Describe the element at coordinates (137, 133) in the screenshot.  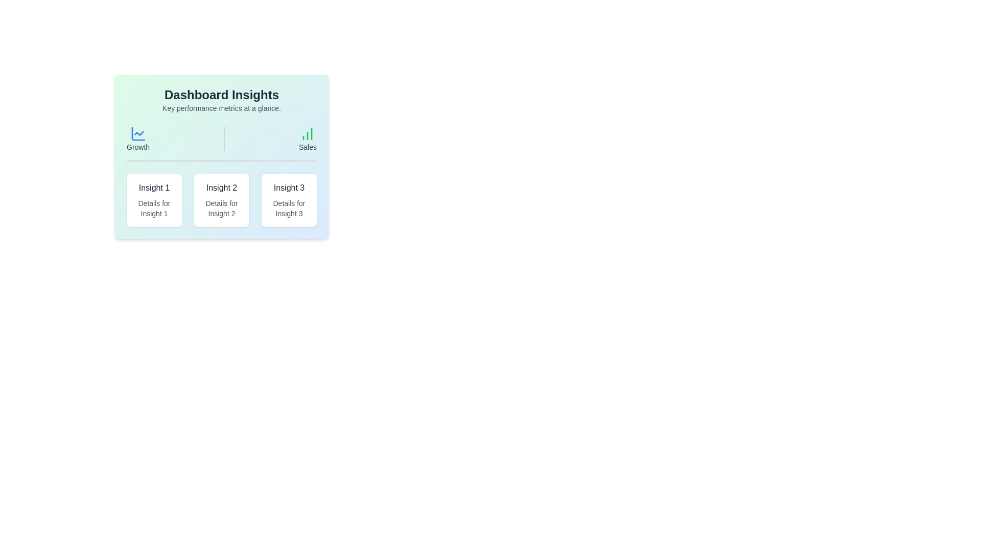
I see `the growth indicator icon located in the upper left area of the interface, positioned above the 'Growth' label and to the left of the 'Sales' section` at that location.